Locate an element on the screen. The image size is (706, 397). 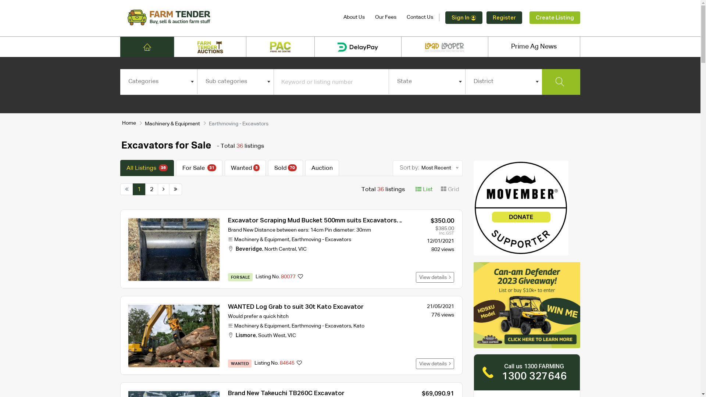
'Grid' is located at coordinates (450, 189).